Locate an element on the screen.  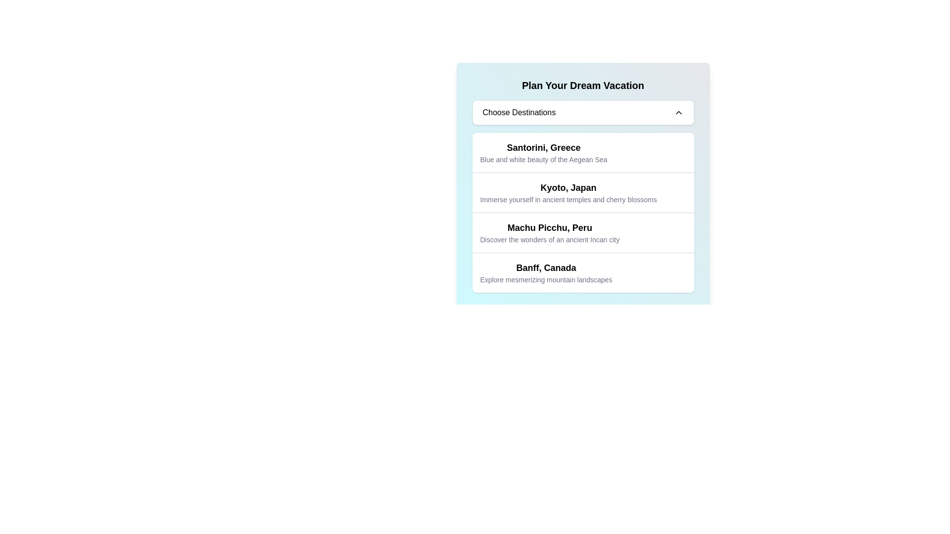
the text label displaying 'Santorini, Greece', which is styled with a bold and large font, located at the top of the list under 'Plan Your Dream Vacation' is located at coordinates (543, 148).